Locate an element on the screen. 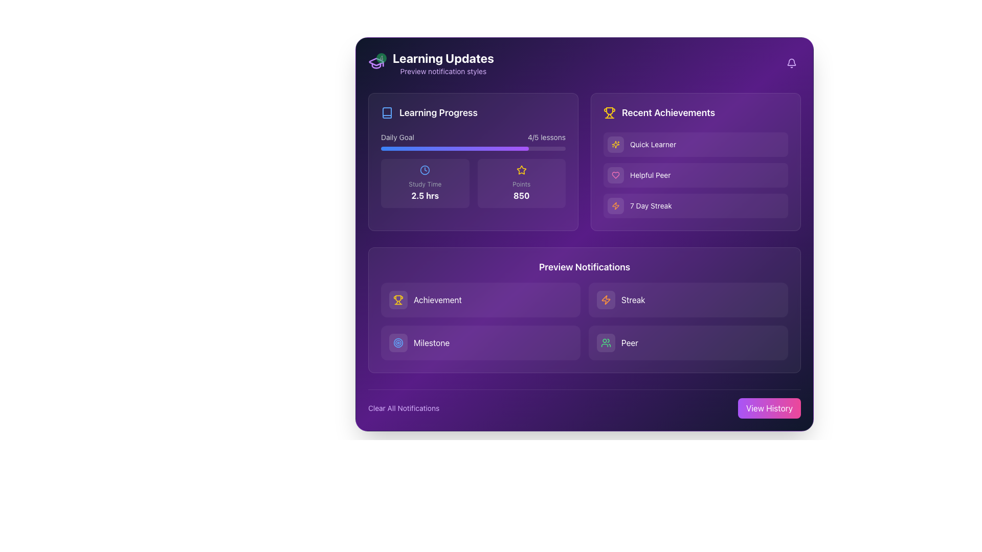  the text label displaying 'achievement' in white letters against a purple background to potentially reveal additional information is located at coordinates (437, 299).